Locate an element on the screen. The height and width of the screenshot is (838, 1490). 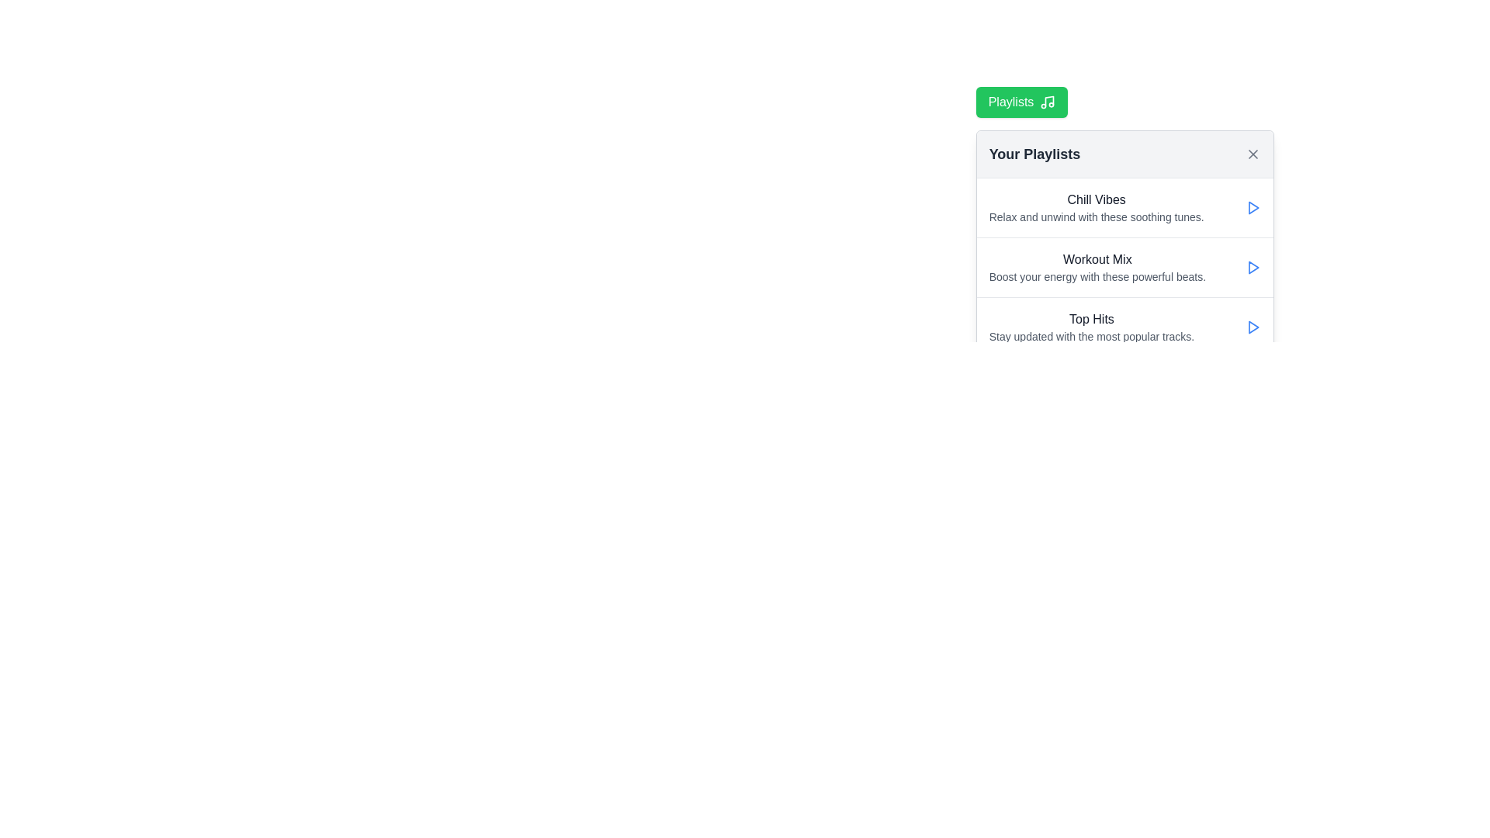
the text label that reads 'Stay updated with the most popular tracks.' positioned beneath the 'Top Hits' heading is located at coordinates (1090, 336).